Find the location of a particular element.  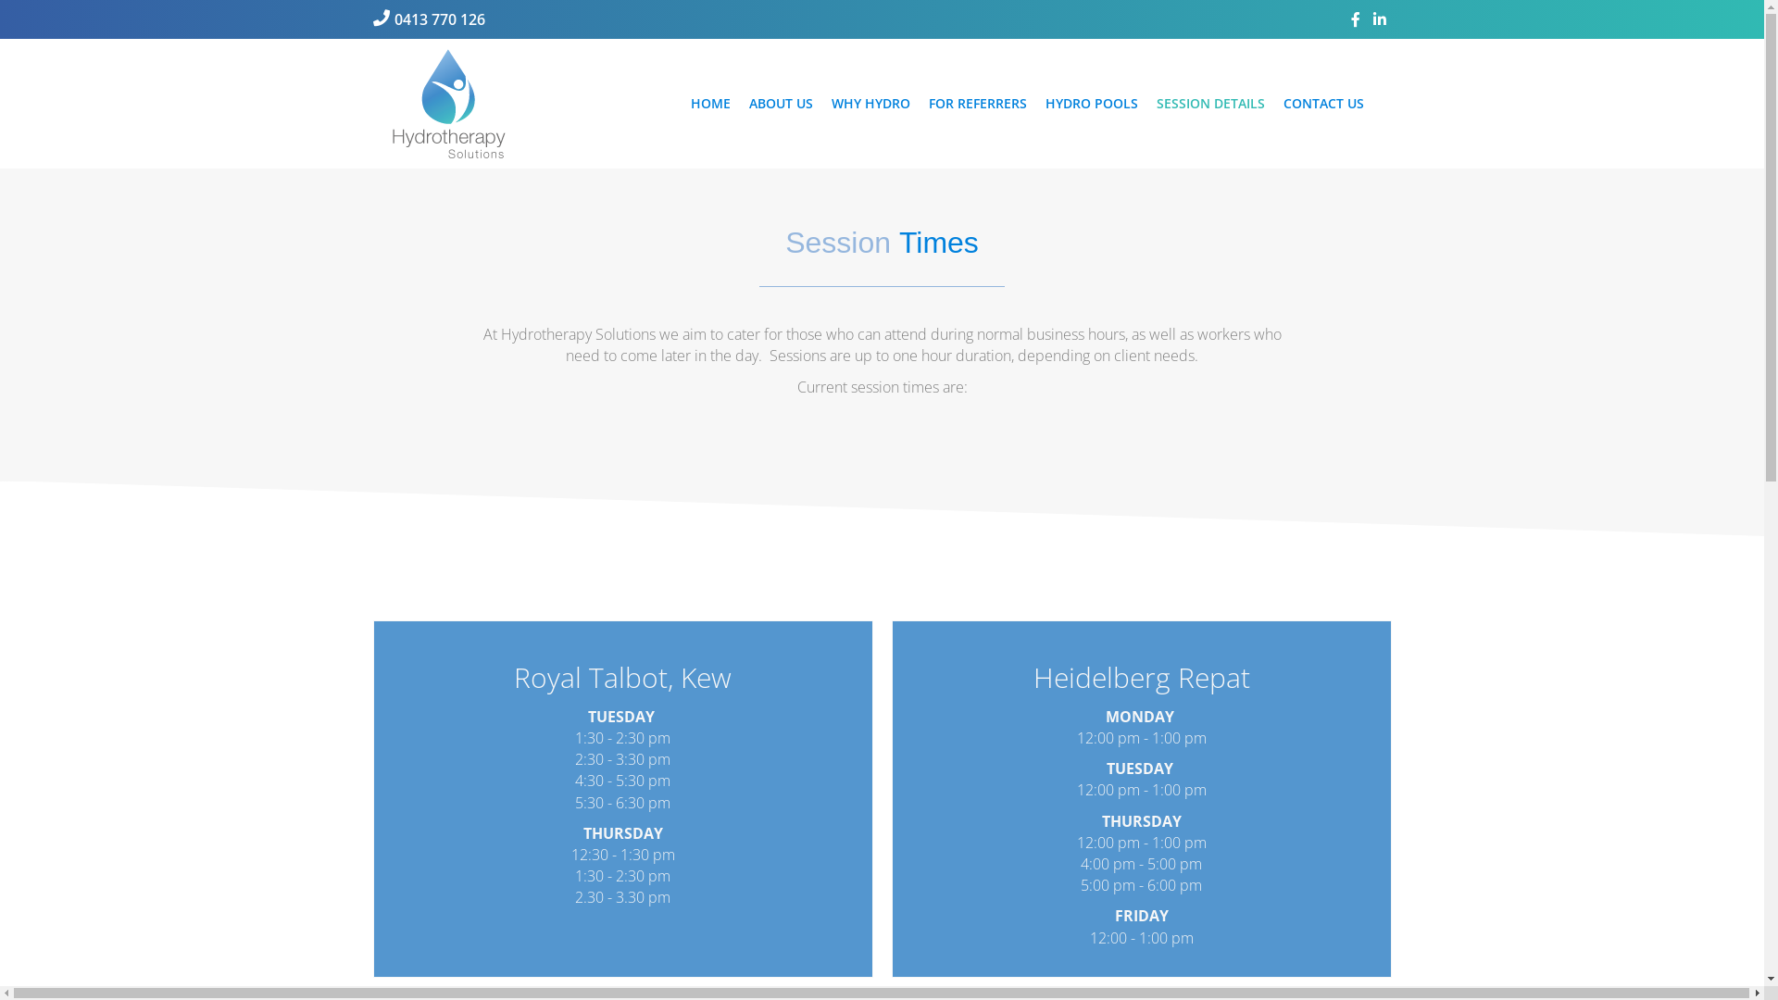

'hs_logo_120px_ai' is located at coordinates (390, 103).